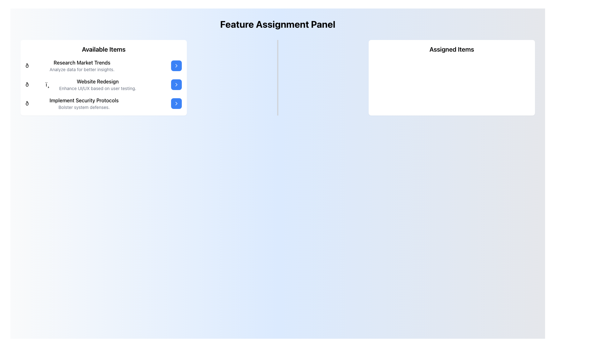 The height and width of the screenshot is (340, 606). Describe the element at coordinates (81, 63) in the screenshot. I see `the text-based UI element titled 'Research Market Trends', which is prominently positioned as the header under 'Available Items'` at that location.